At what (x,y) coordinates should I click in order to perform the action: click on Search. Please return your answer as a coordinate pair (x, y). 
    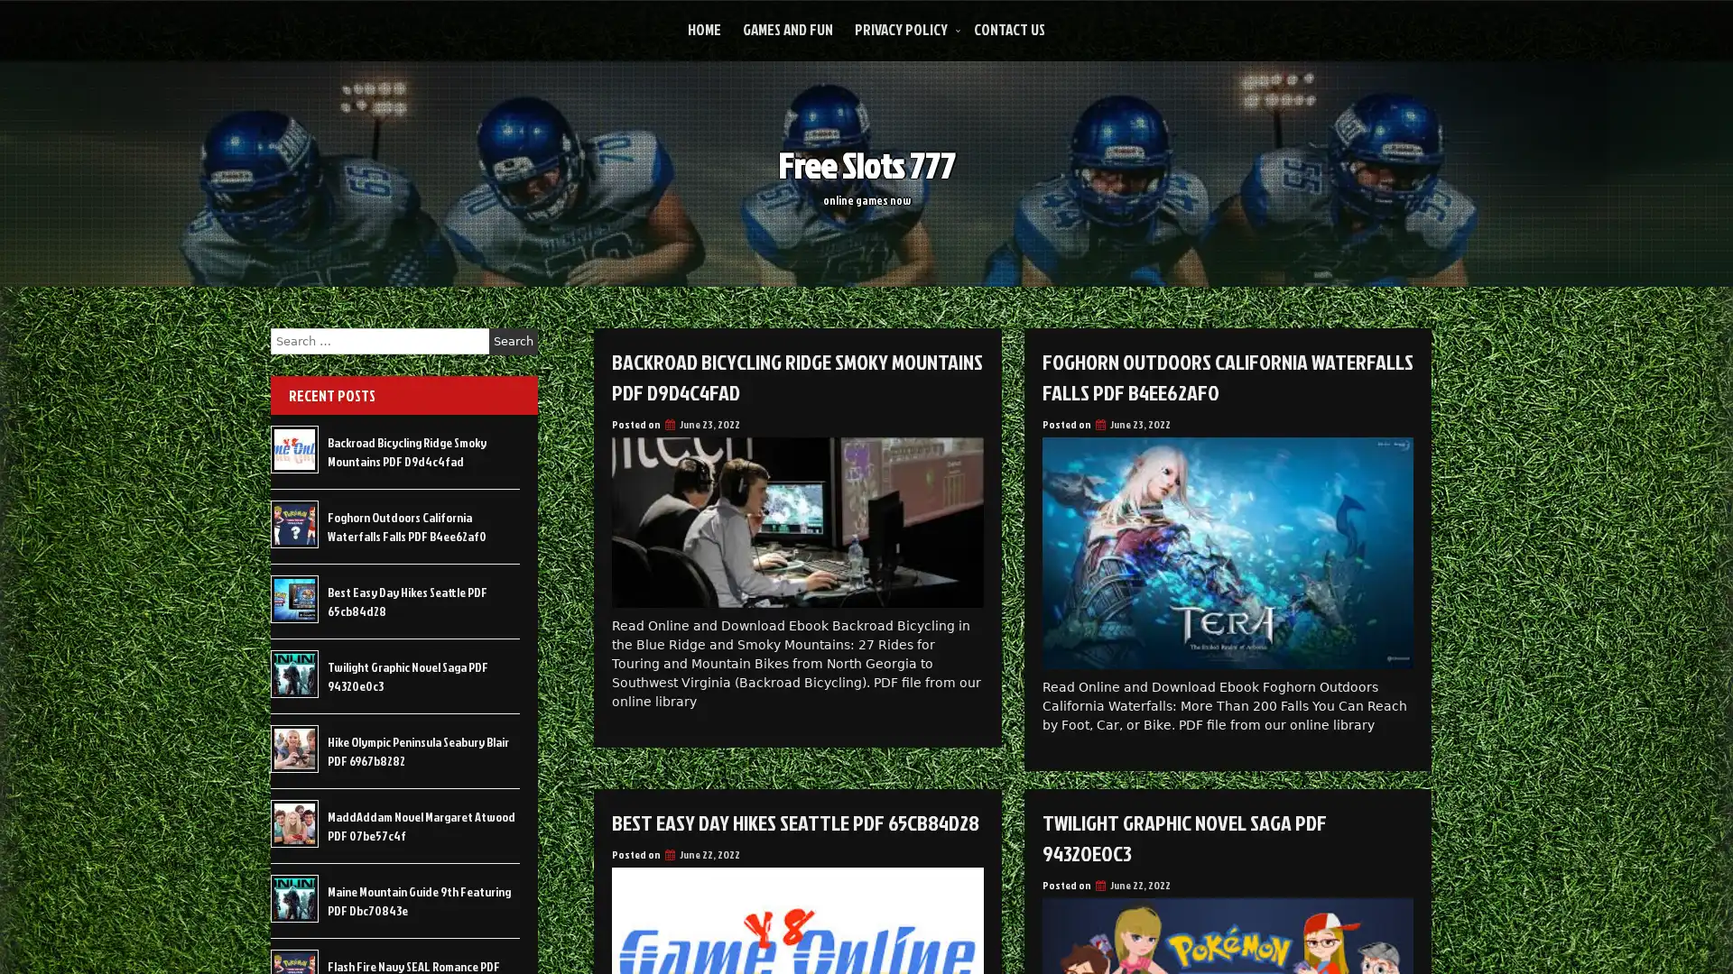
    Looking at the image, I should click on (513, 341).